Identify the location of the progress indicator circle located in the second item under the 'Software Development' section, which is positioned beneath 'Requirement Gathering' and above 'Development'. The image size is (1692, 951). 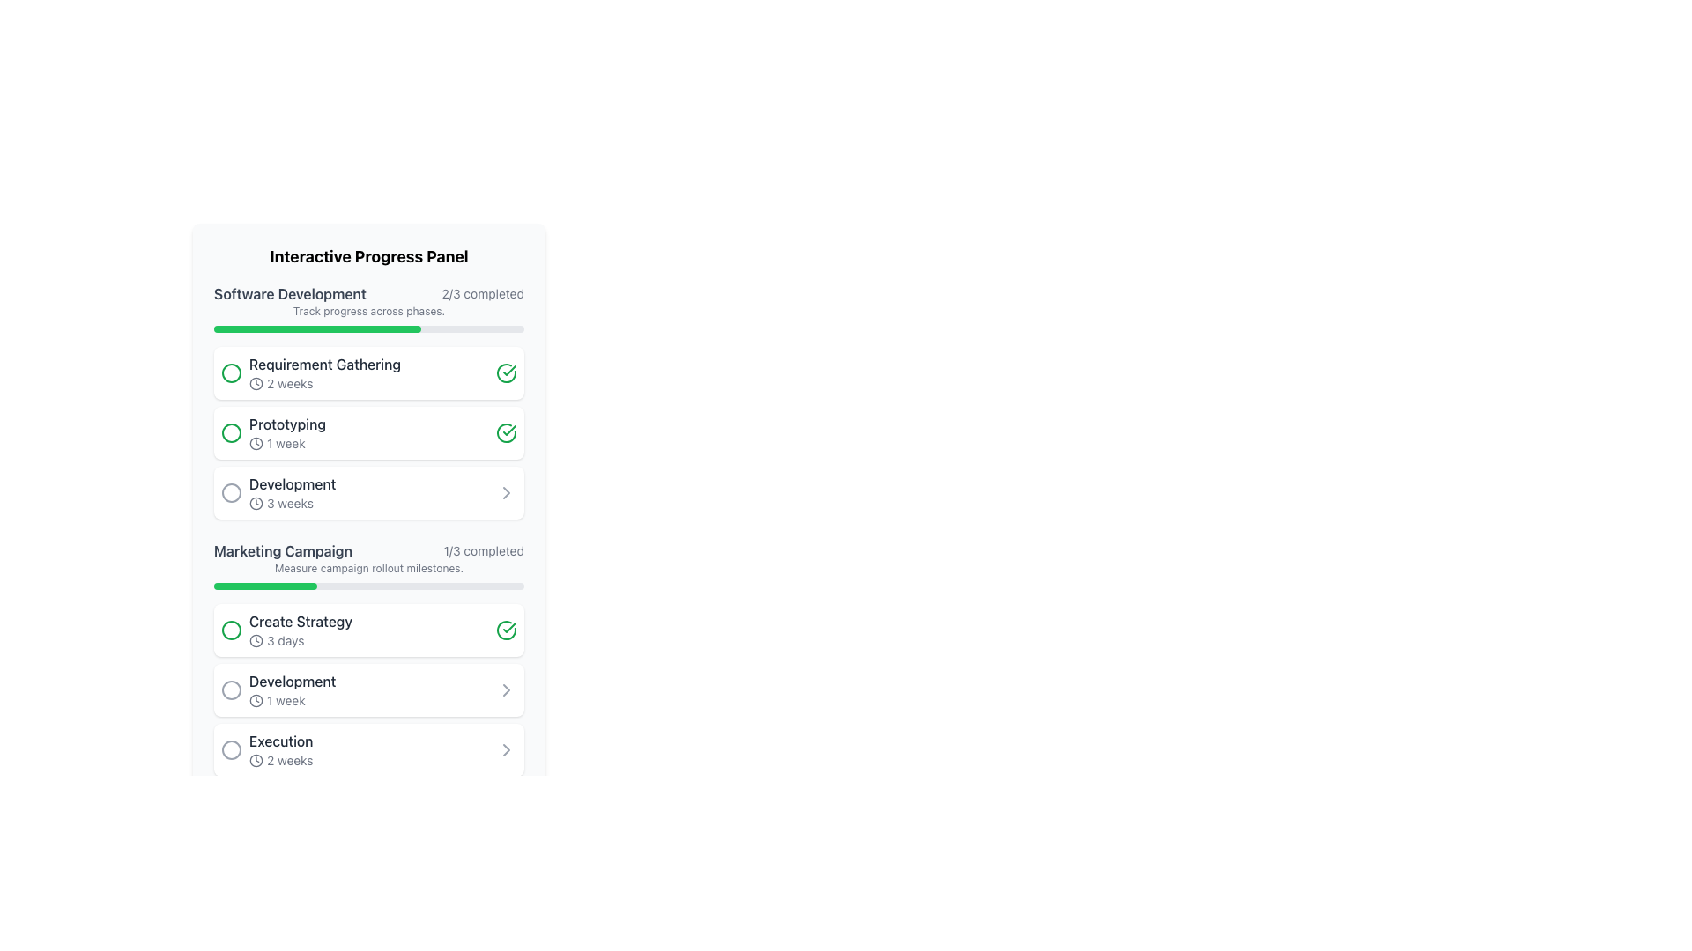
(231, 433).